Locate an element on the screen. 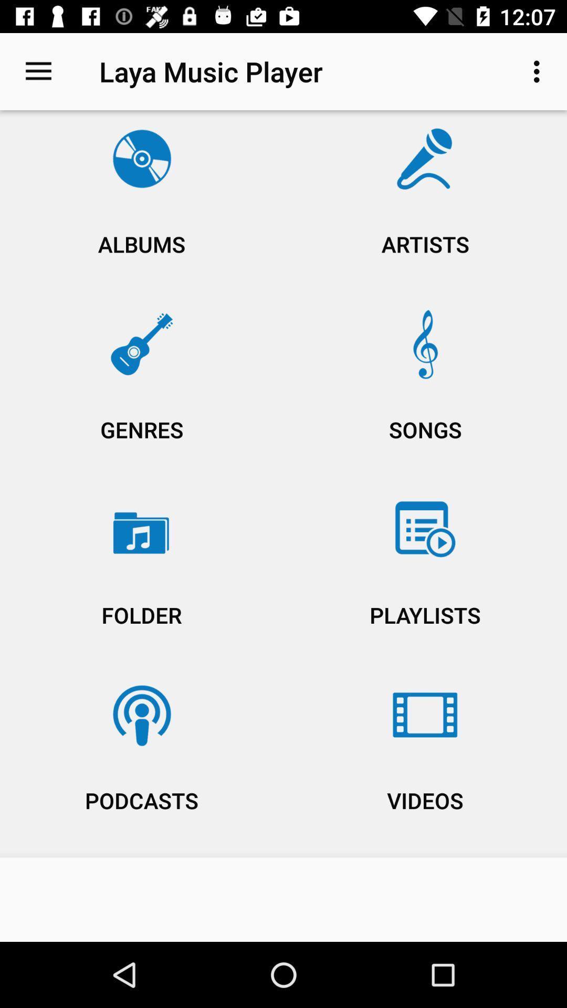 The height and width of the screenshot is (1008, 567). the videos item is located at coordinates (425, 762).